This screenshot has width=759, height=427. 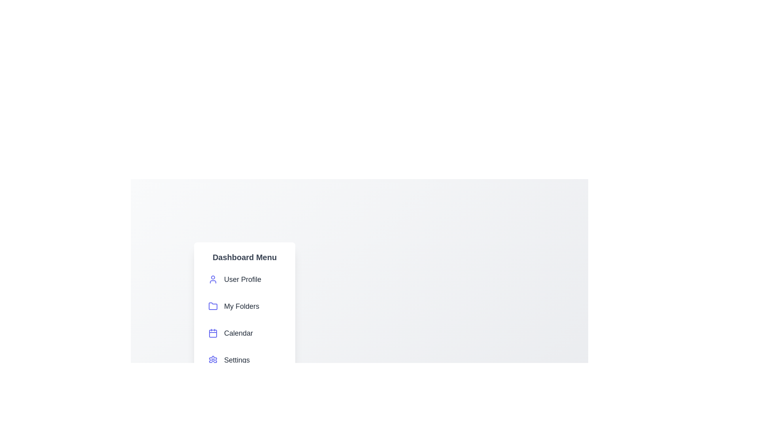 What do you see at coordinates (244, 279) in the screenshot?
I see `the 'User Profile' menu item` at bounding box center [244, 279].